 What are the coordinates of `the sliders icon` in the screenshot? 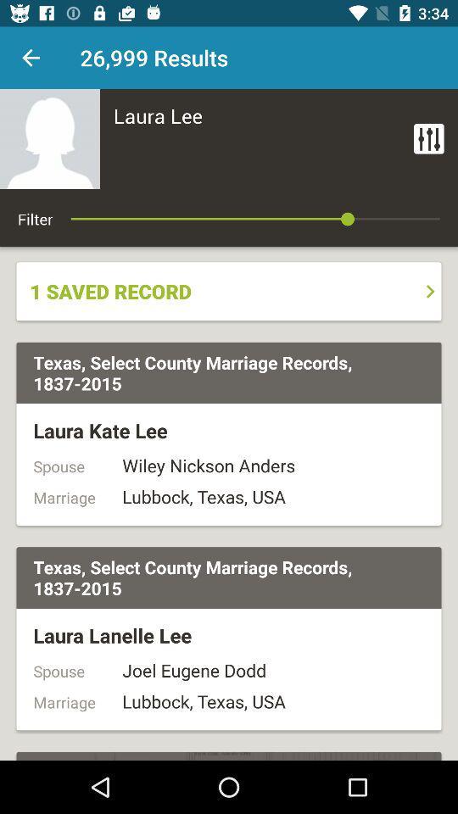 It's located at (427, 137).